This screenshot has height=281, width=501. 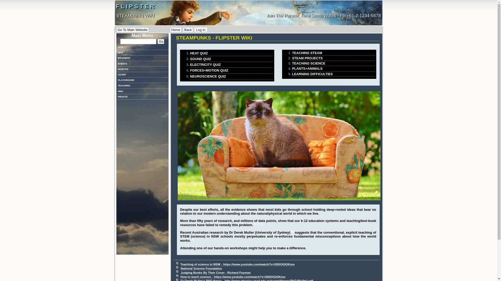 I want to click on 'FORCES+MOTION QUIZ', so click(x=231, y=70).